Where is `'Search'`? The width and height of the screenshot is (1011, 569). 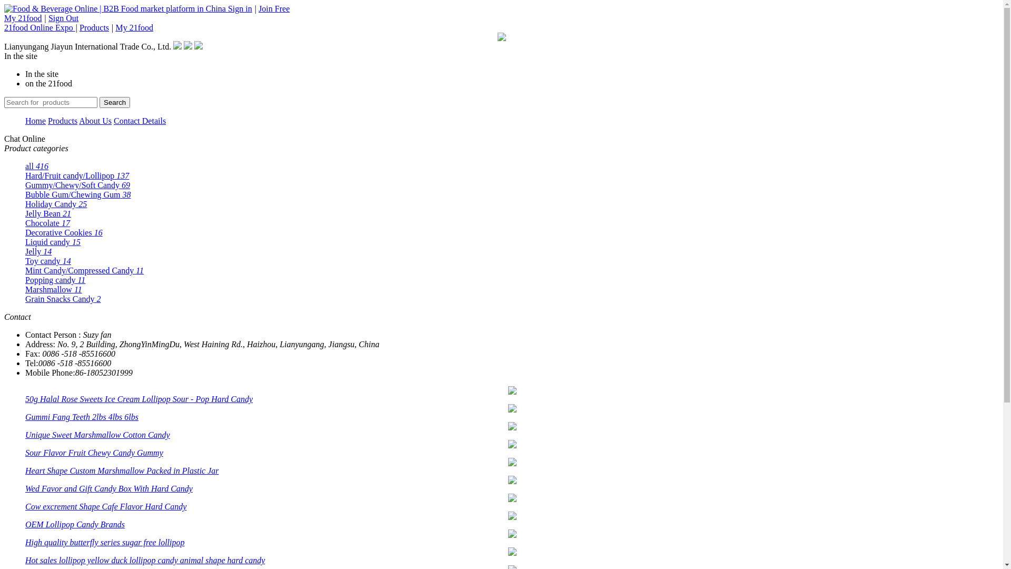 'Search' is located at coordinates (114, 102).